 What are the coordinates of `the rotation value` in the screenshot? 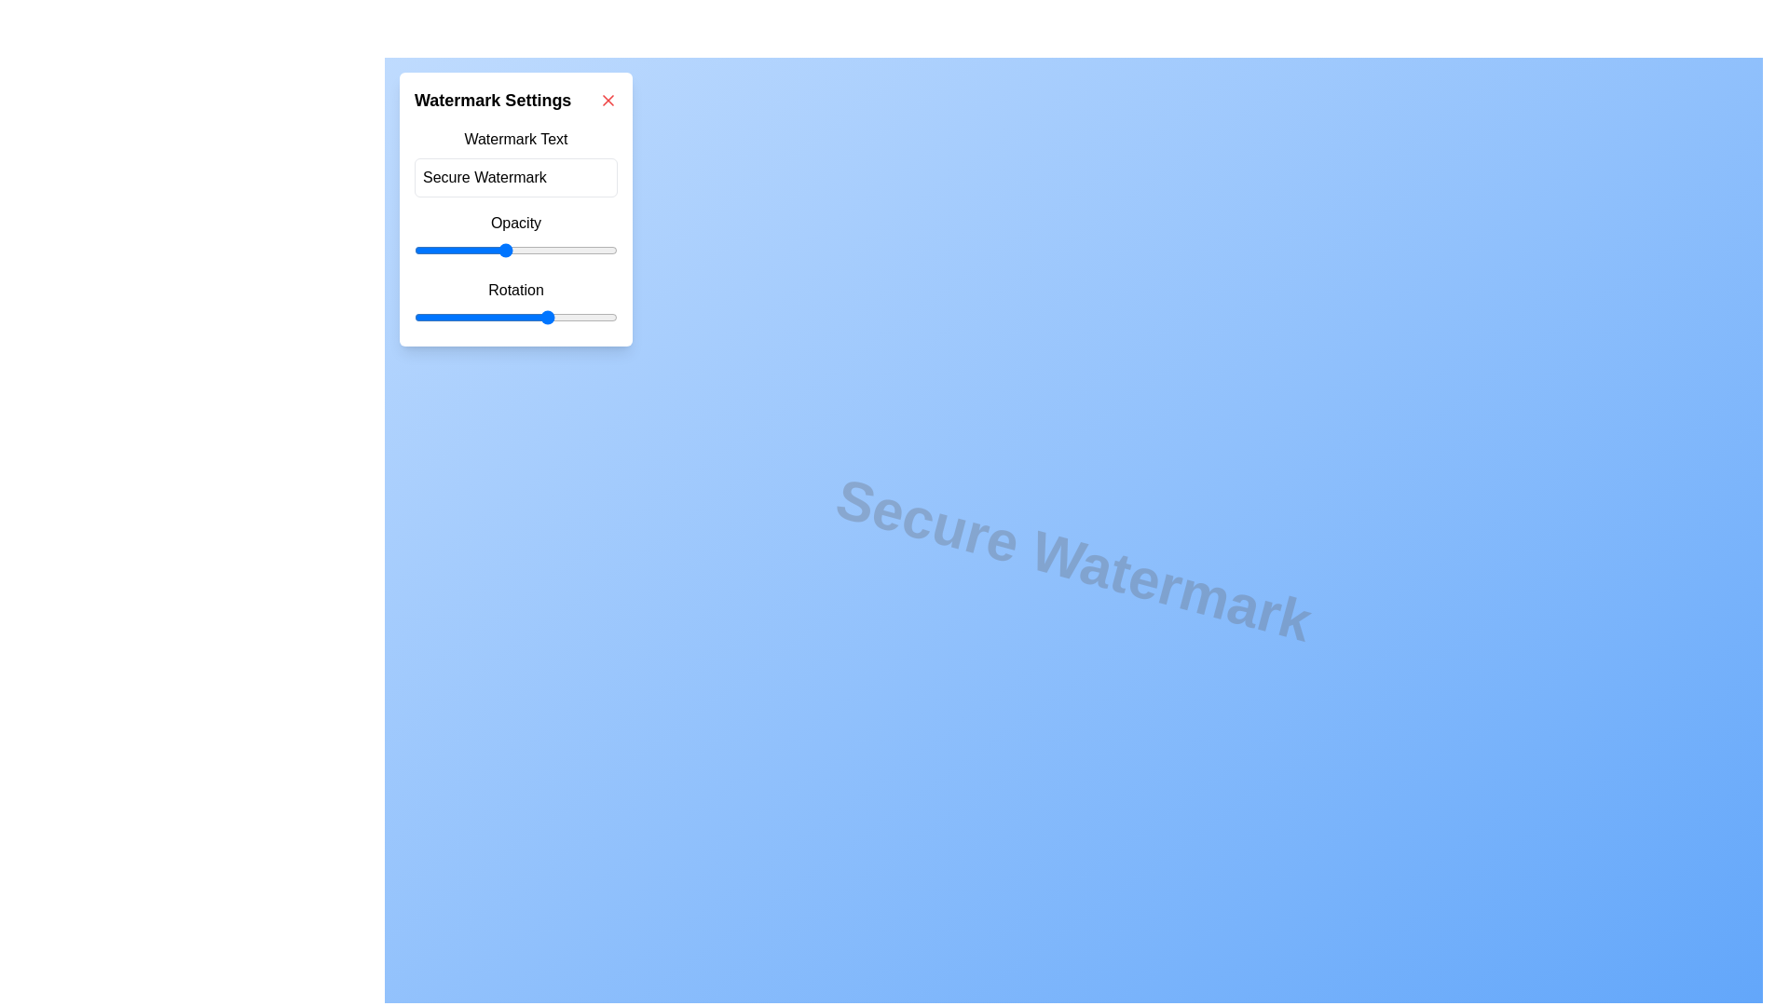 It's located at (427, 316).